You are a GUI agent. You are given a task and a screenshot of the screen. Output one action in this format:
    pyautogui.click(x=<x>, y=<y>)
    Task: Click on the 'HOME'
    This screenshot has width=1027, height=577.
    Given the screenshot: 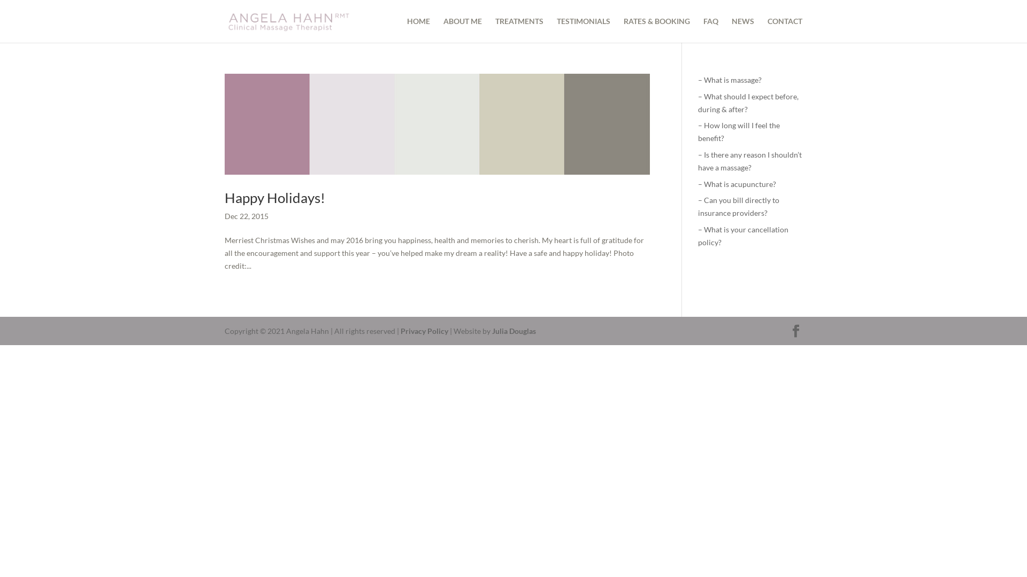 What is the action you would take?
    pyautogui.click(x=418, y=29)
    